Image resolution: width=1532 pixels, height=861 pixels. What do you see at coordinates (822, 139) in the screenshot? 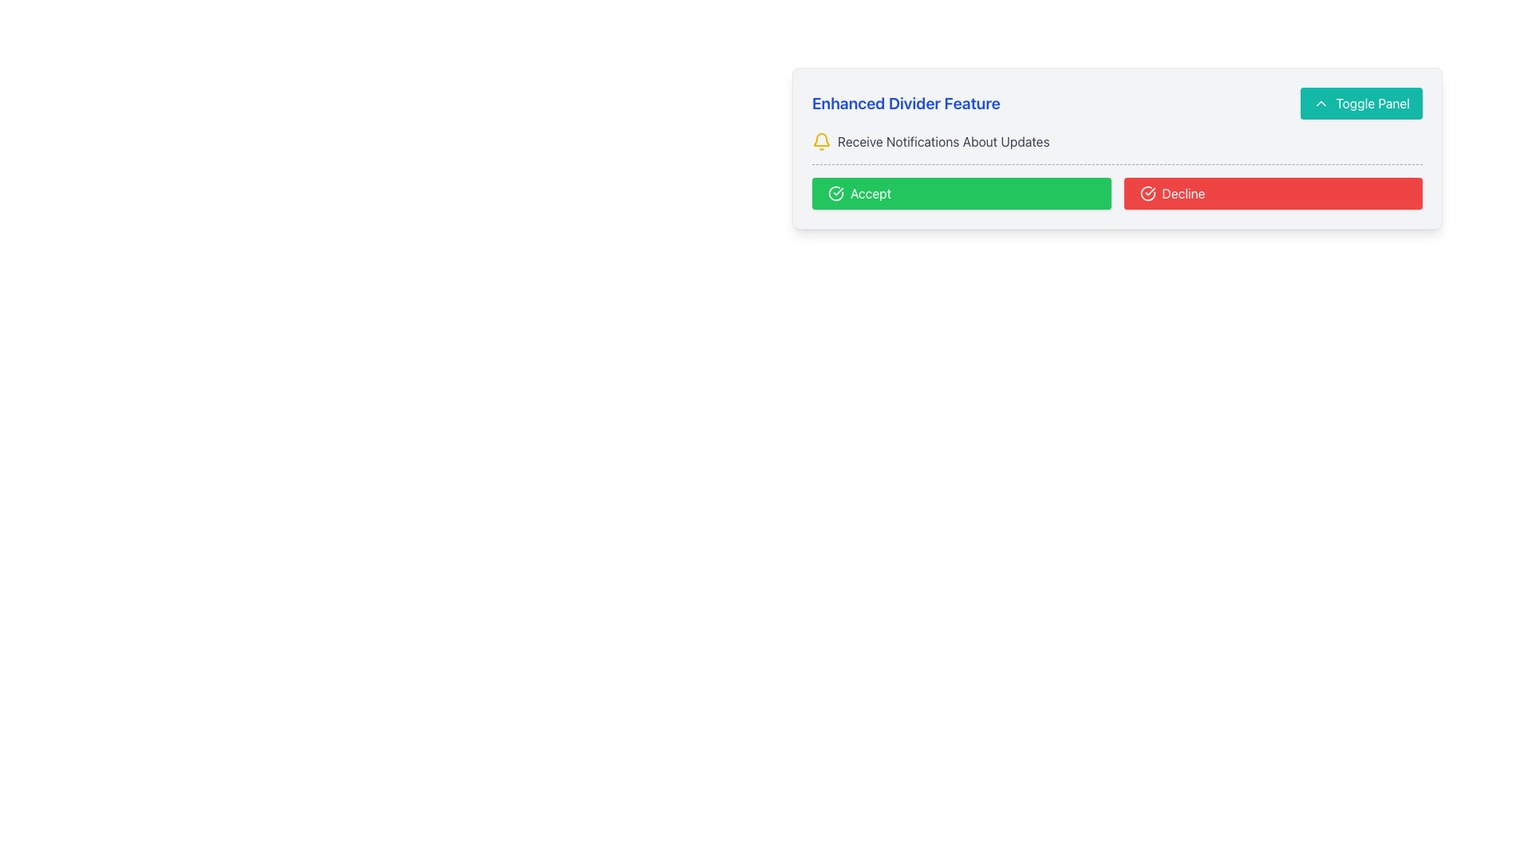
I see `the yellow decorative graphical element that resembles a bell shape within the SVG, which is the second element in the notification bell icon structure` at bounding box center [822, 139].